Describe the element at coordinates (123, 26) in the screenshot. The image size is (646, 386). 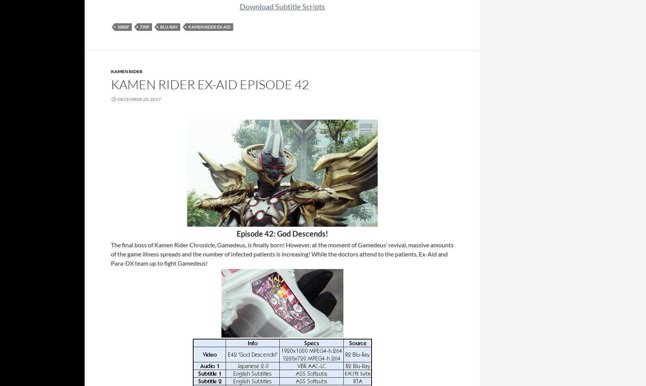
I see `'1080p'` at that location.